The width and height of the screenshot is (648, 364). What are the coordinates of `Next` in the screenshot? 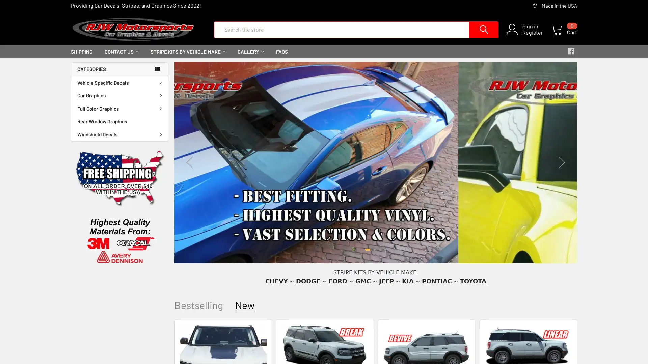 It's located at (562, 162).